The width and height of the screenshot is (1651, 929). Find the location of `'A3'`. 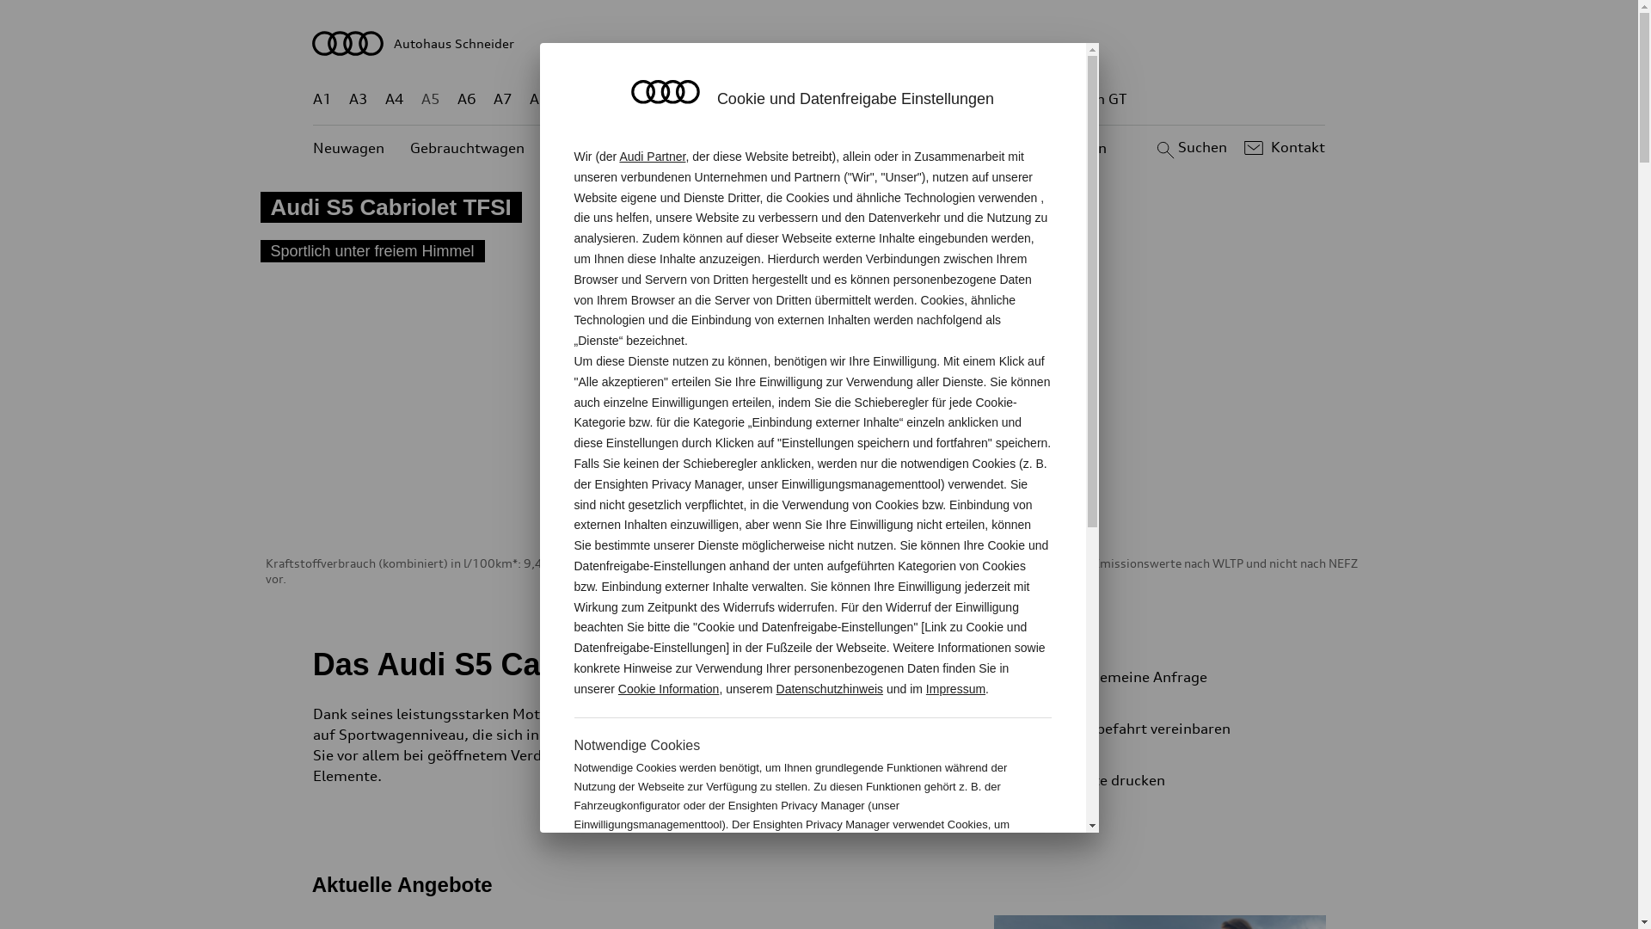

'A3' is located at coordinates (358, 99).